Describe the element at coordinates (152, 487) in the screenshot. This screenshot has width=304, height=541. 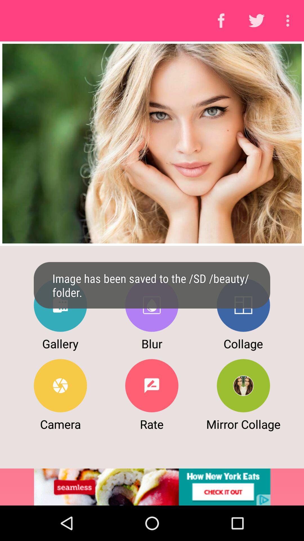
I see `advertisement` at that location.